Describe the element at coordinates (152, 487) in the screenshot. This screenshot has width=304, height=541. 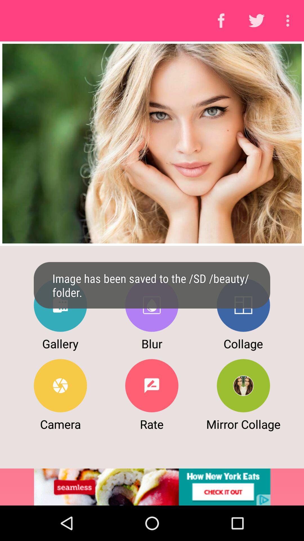
I see `advertisement` at that location.